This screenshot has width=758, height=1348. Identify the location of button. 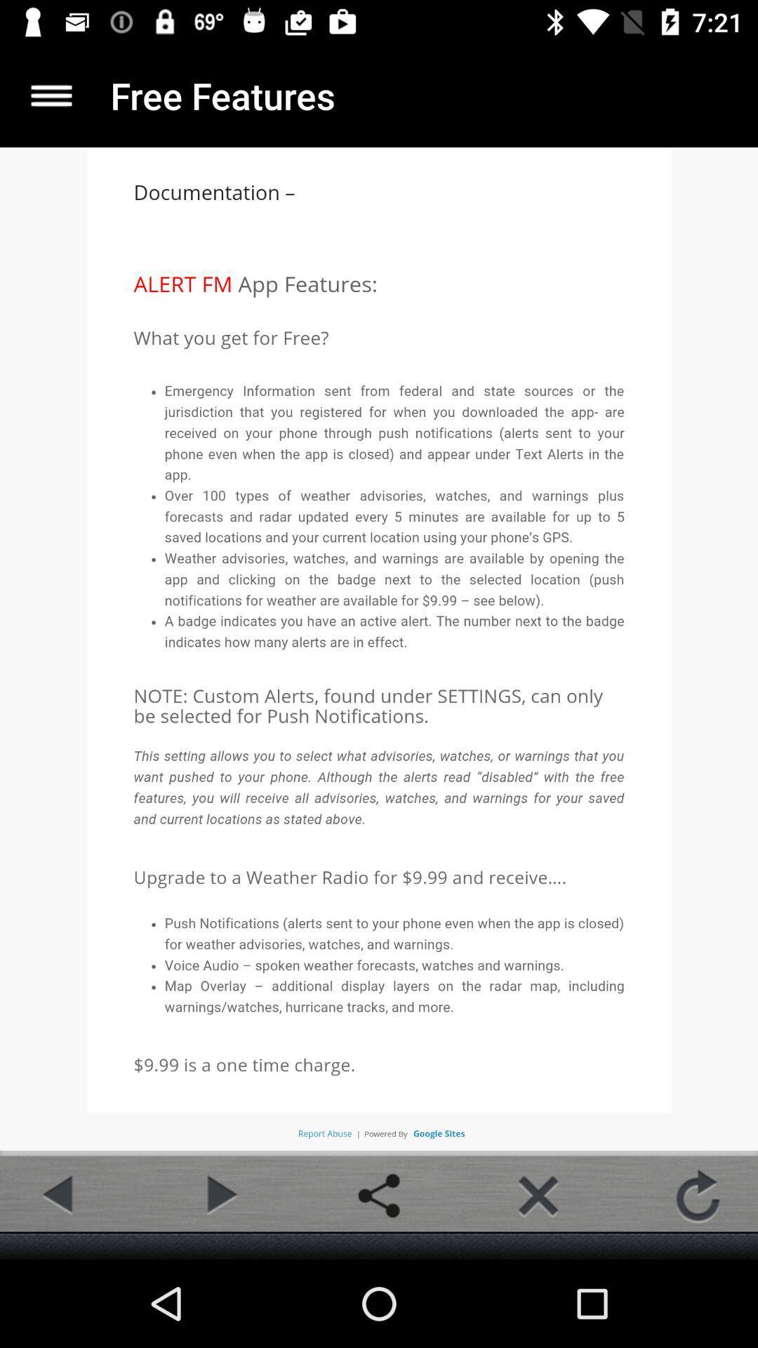
(538, 1195).